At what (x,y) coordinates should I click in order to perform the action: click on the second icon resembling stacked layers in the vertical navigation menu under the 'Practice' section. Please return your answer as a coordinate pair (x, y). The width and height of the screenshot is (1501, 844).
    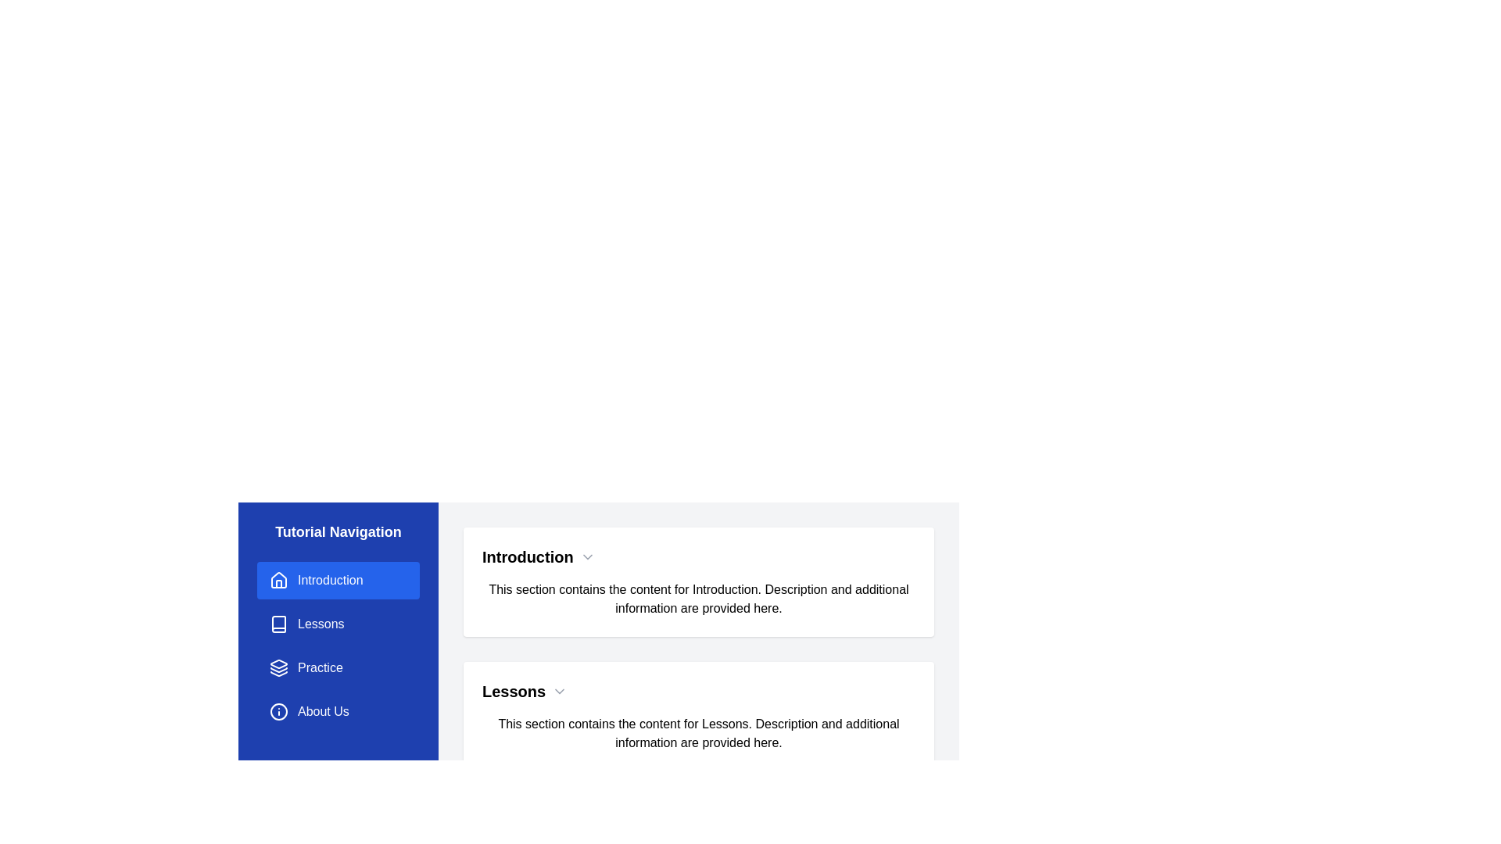
    Looking at the image, I should click on (278, 668).